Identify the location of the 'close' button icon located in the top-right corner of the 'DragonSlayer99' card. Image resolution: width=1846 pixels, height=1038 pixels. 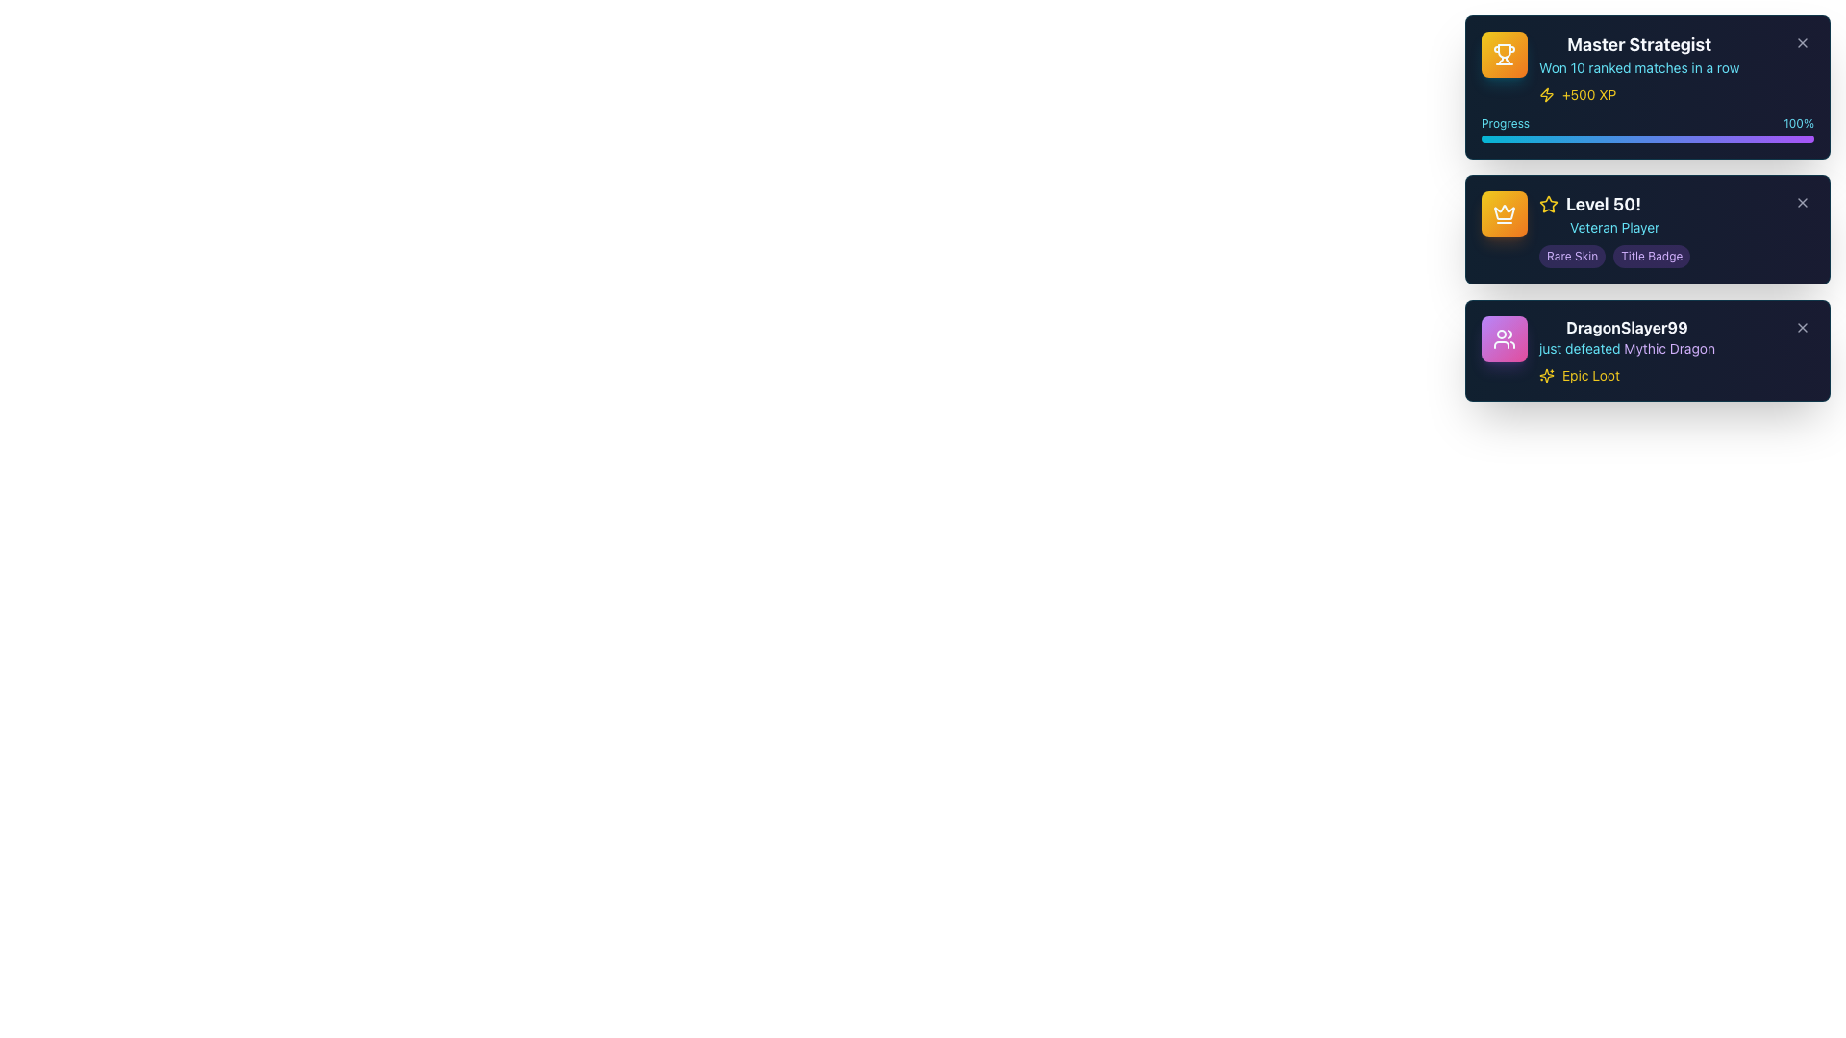
(1802, 326).